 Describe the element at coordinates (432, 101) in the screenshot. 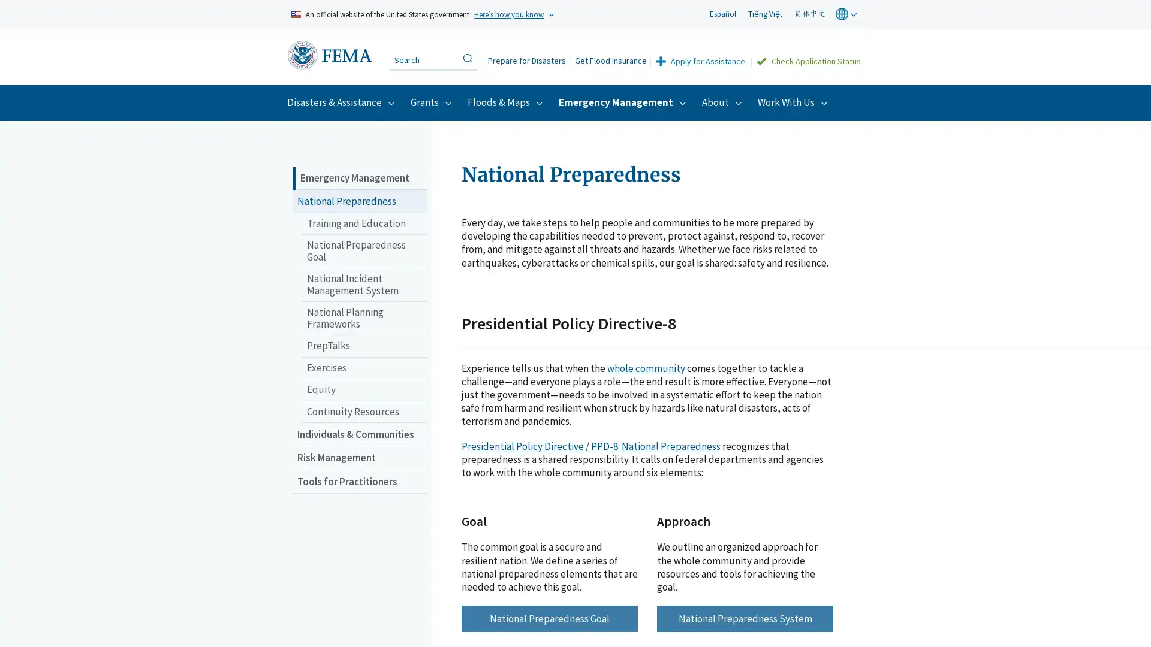

I see `Grants` at that location.